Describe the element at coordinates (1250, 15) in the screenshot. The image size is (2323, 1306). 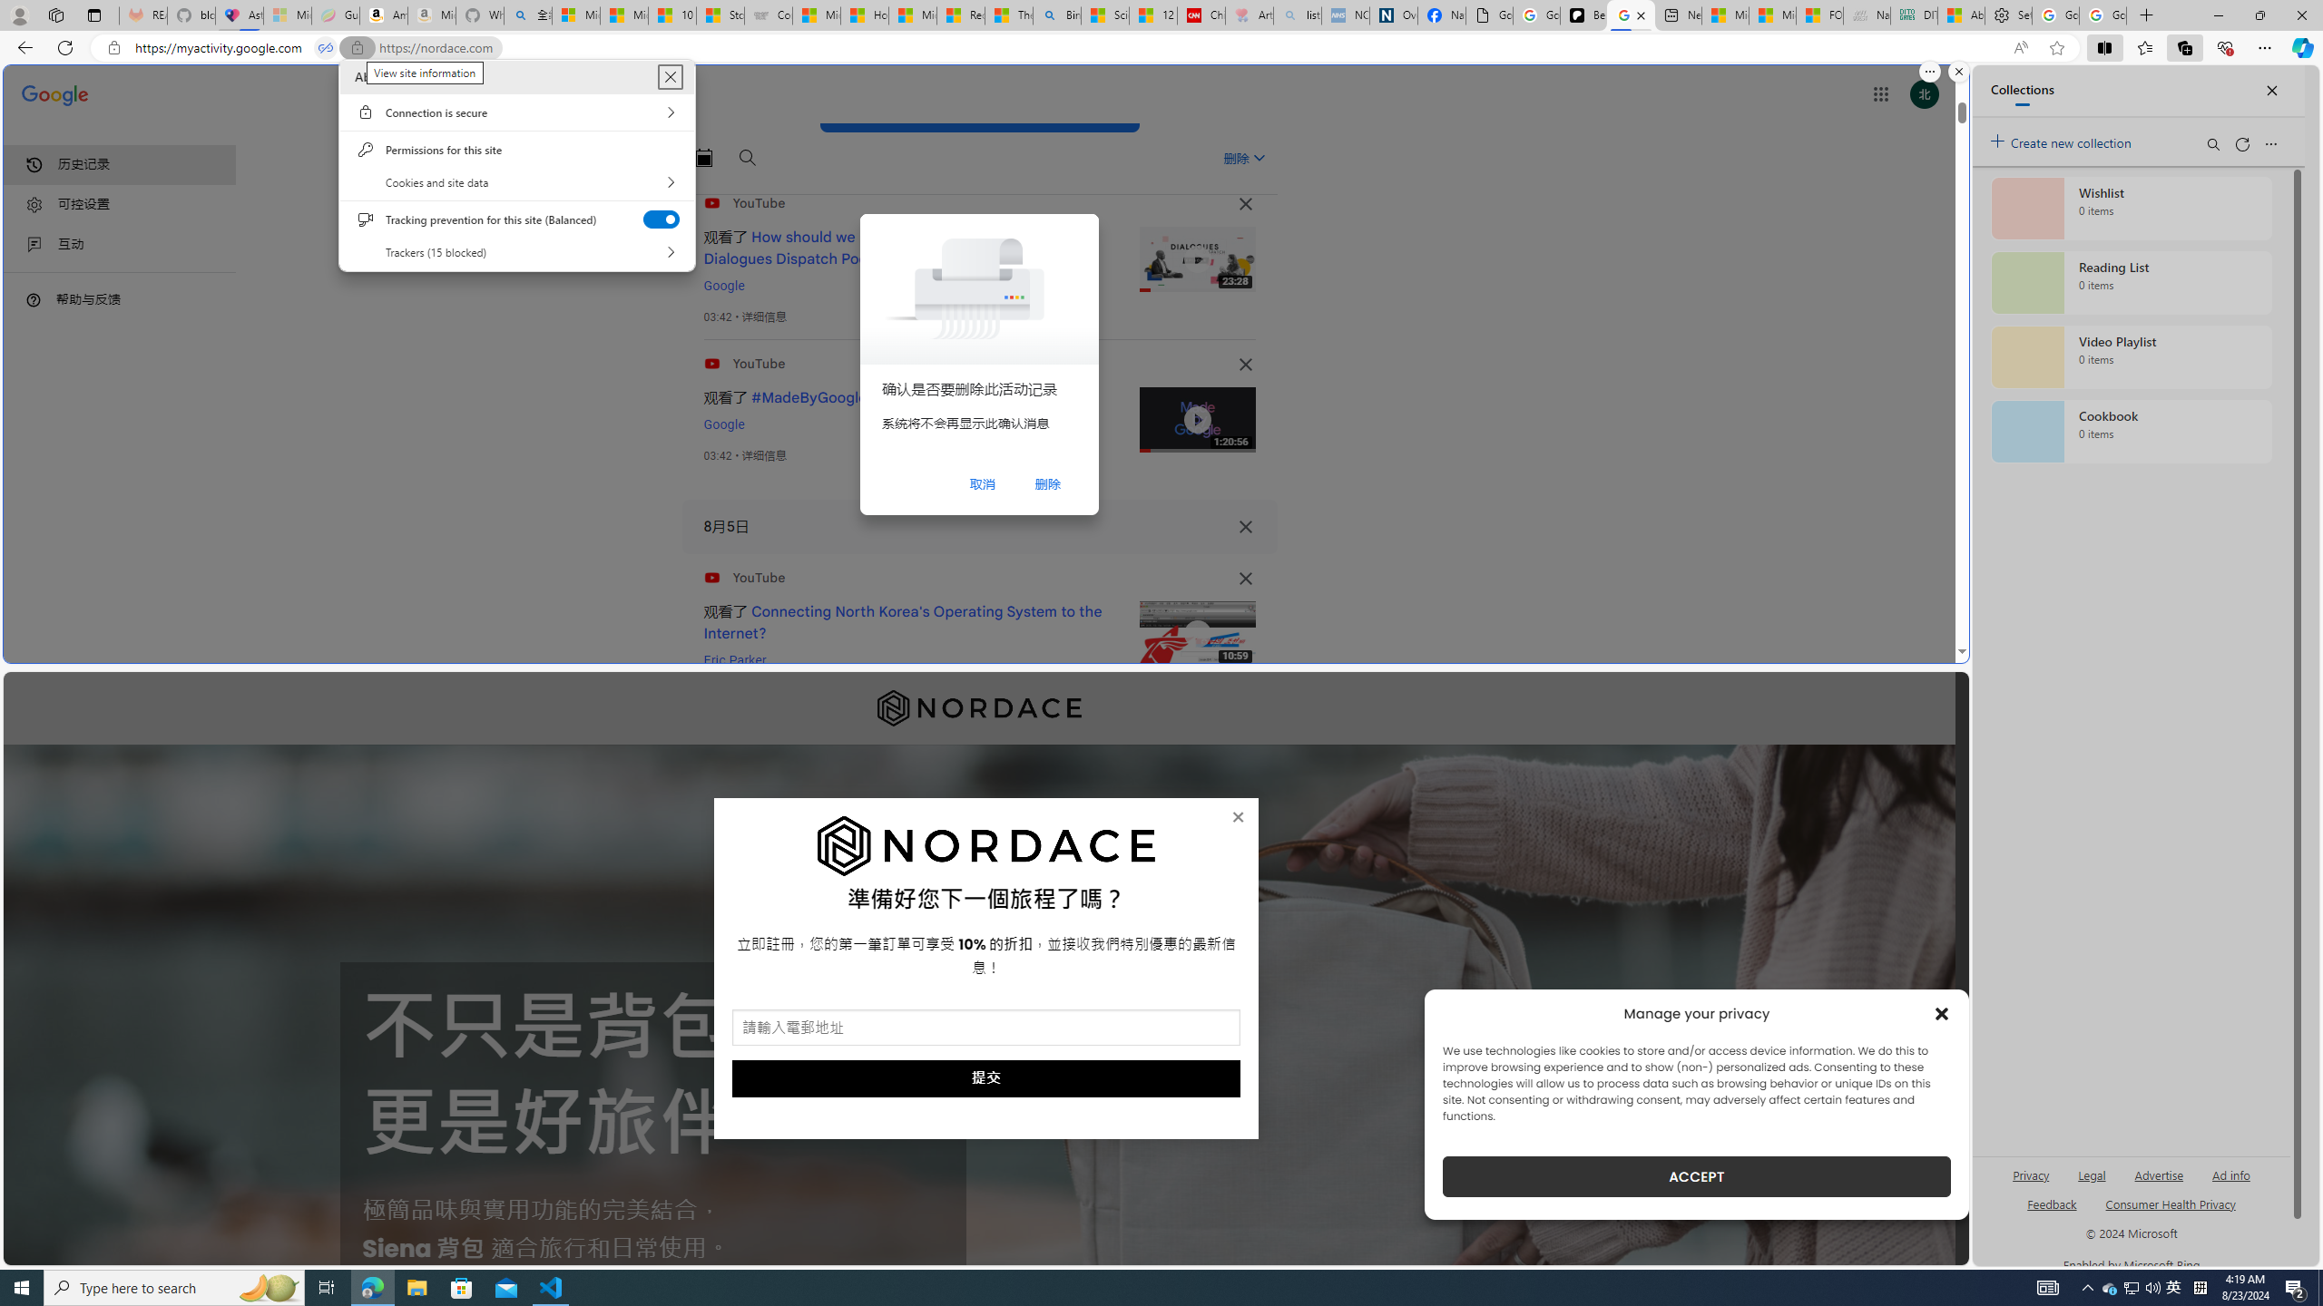
I see `'Arthritis: Ask Health Professionals - Sleeping'` at that location.